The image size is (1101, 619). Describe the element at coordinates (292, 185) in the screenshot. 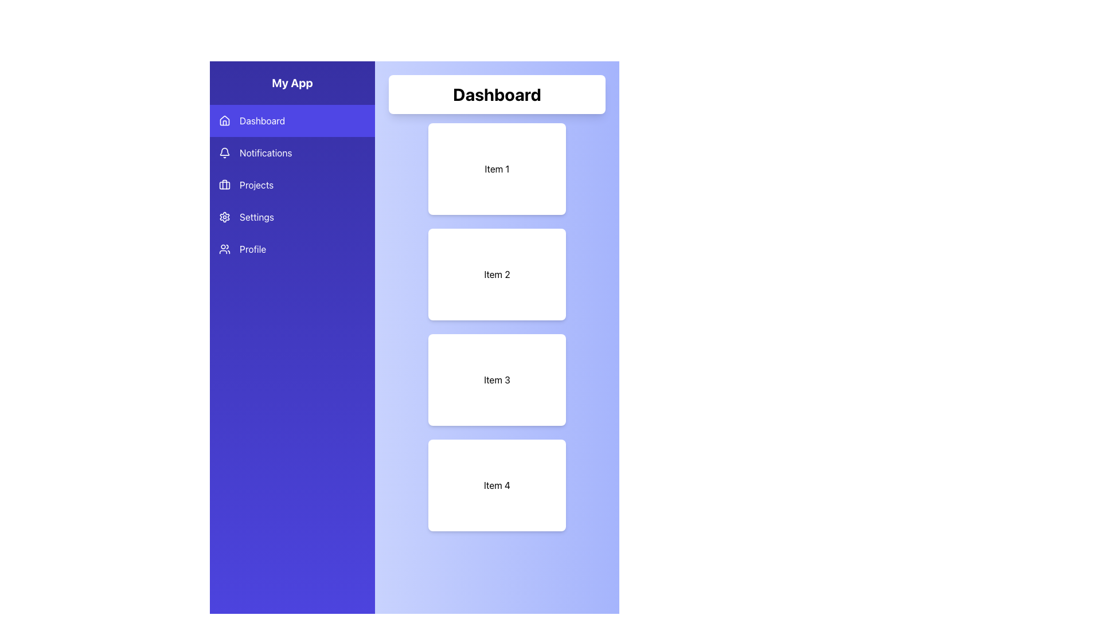

I see `the 'Projects' navigation link, which is the third item in the vertical navigation sidebar located below 'Dashboard' and 'Notifications'` at that location.